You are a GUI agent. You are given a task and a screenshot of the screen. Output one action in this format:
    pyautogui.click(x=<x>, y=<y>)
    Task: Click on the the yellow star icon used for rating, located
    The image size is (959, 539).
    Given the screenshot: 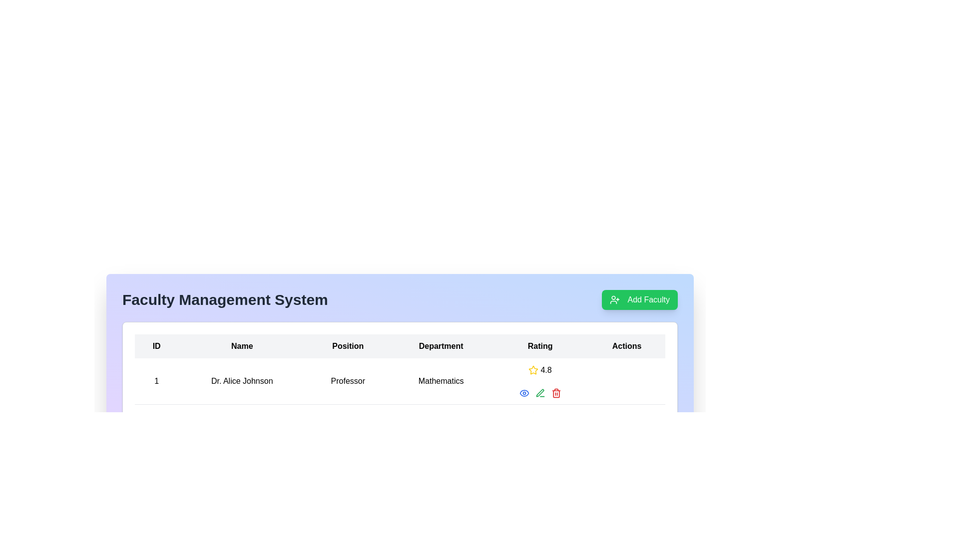 What is the action you would take?
    pyautogui.click(x=533, y=370)
    